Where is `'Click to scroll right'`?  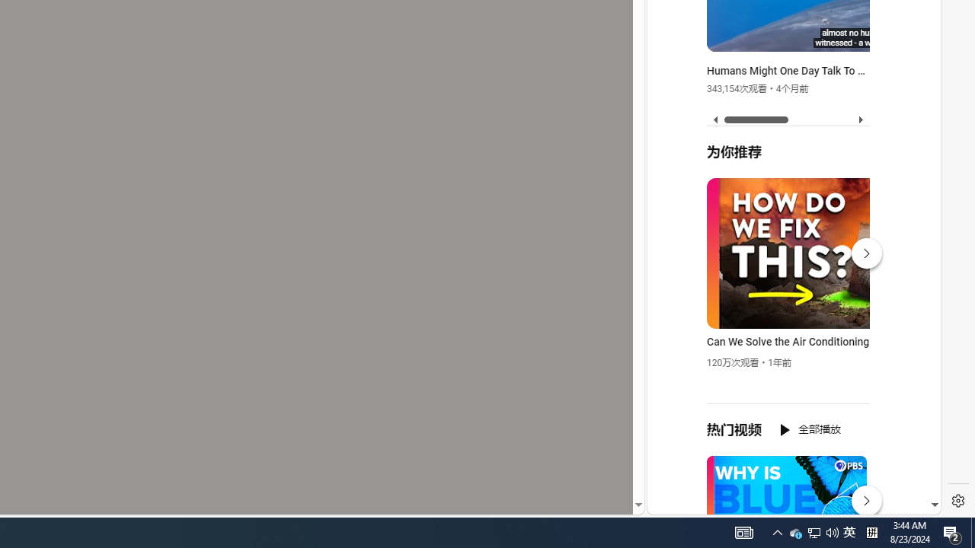 'Click to scroll right' is located at coordinates (911, 62).